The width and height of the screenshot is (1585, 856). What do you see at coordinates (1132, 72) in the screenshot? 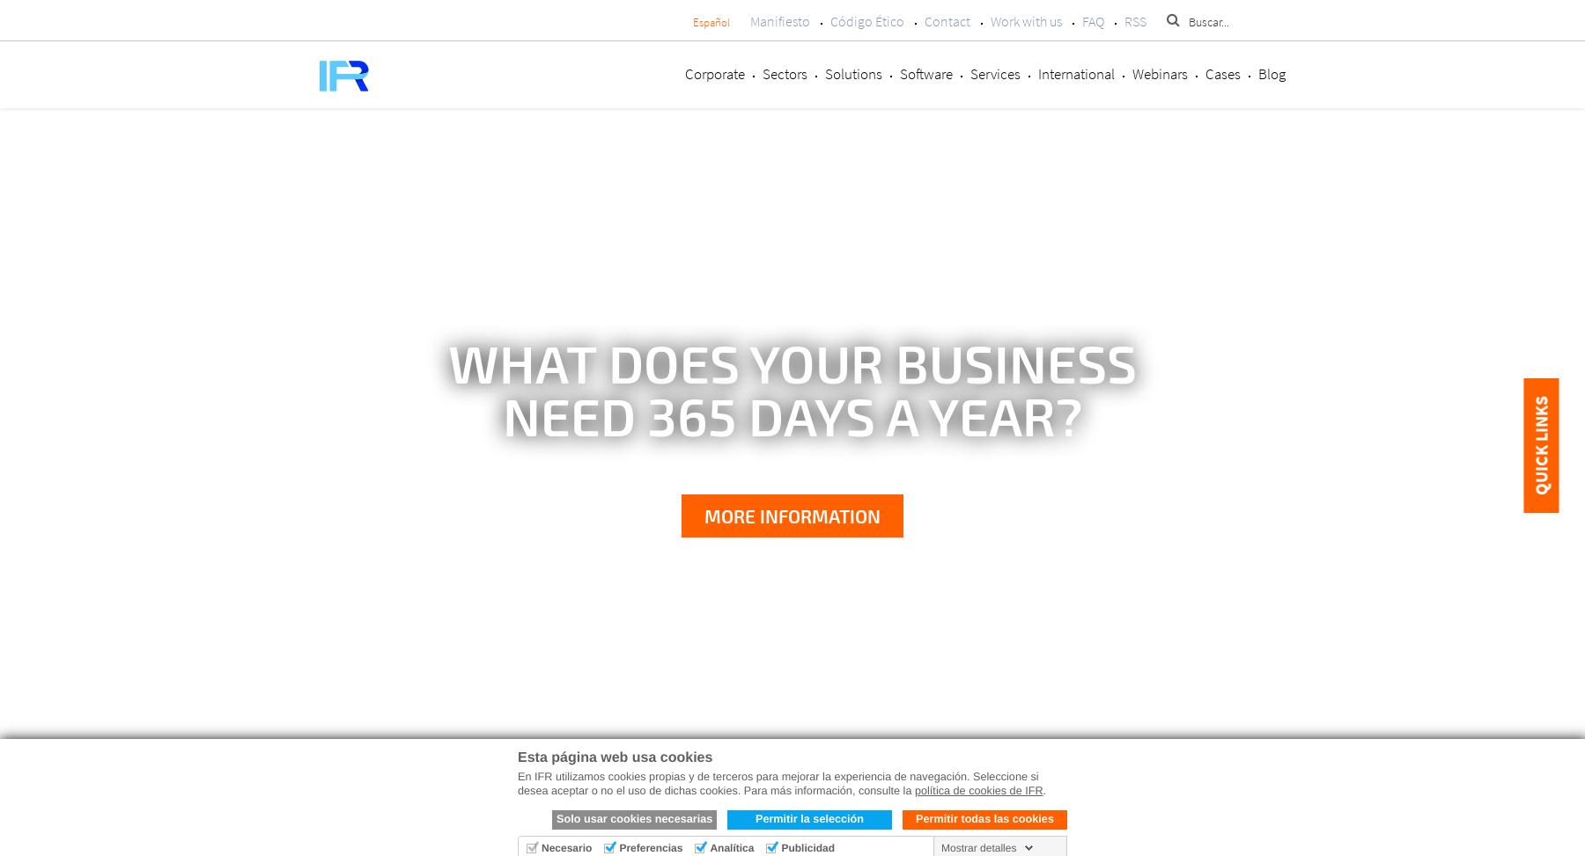
I see `'Webinars'` at bounding box center [1132, 72].